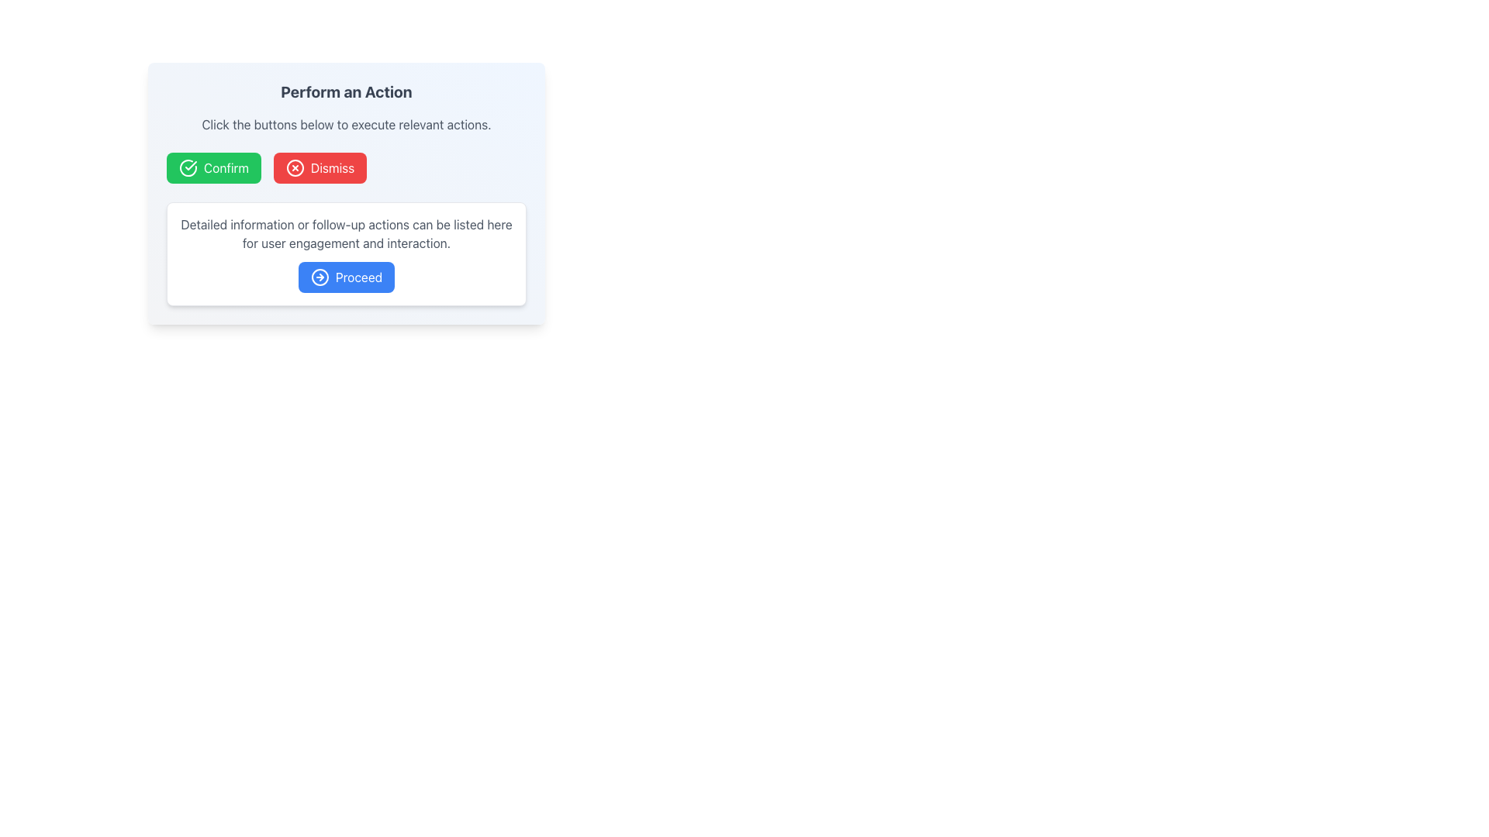  I want to click on the 'Proceed' button, which has a blue background and white text with an arrow icon, so click(345, 277).